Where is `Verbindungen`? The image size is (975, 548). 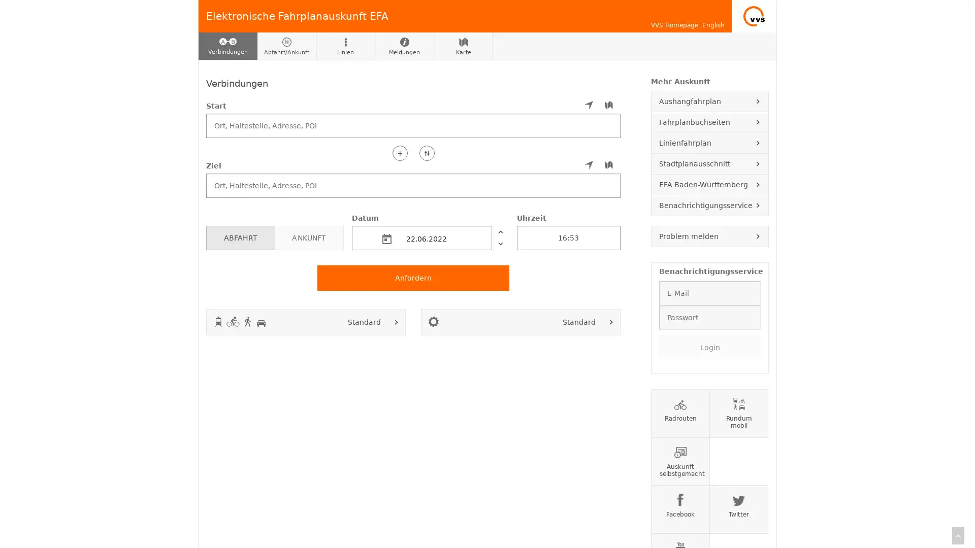 Verbindungen is located at coordinates (227, 46).